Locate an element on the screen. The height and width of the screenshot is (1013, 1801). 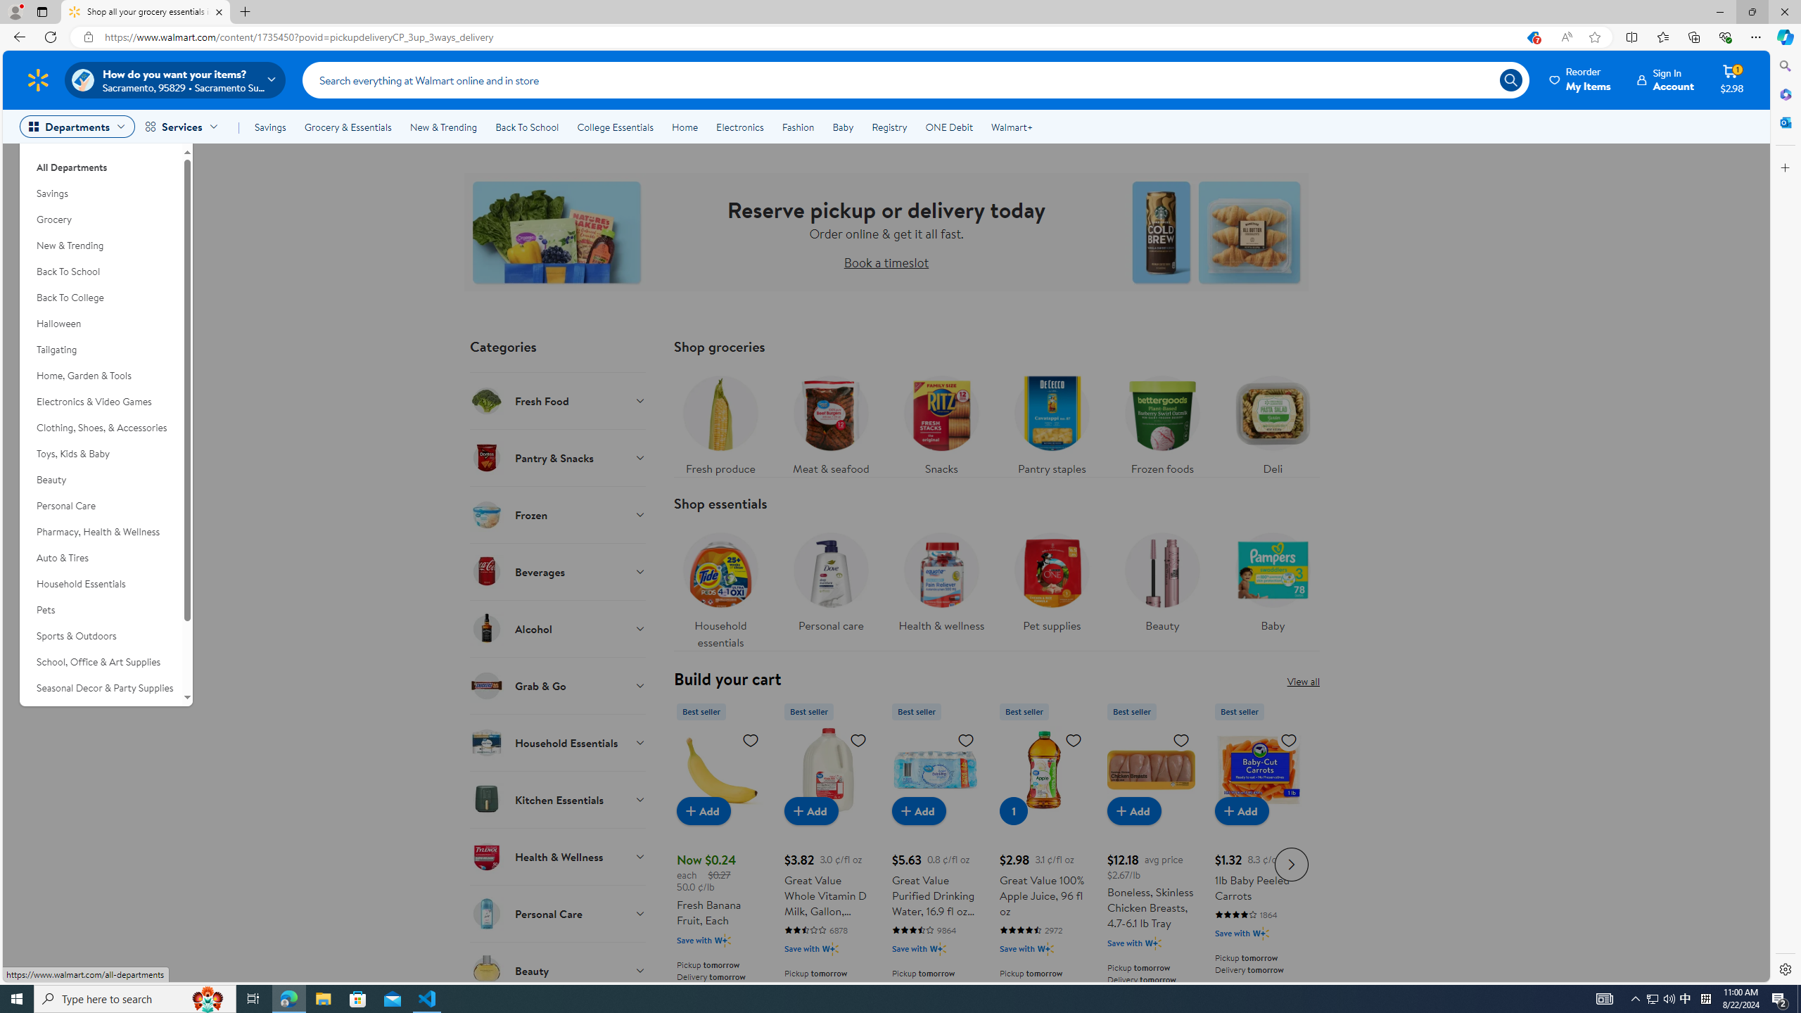
'Home, Garden & Tools' is located at coordinates (100, 375).